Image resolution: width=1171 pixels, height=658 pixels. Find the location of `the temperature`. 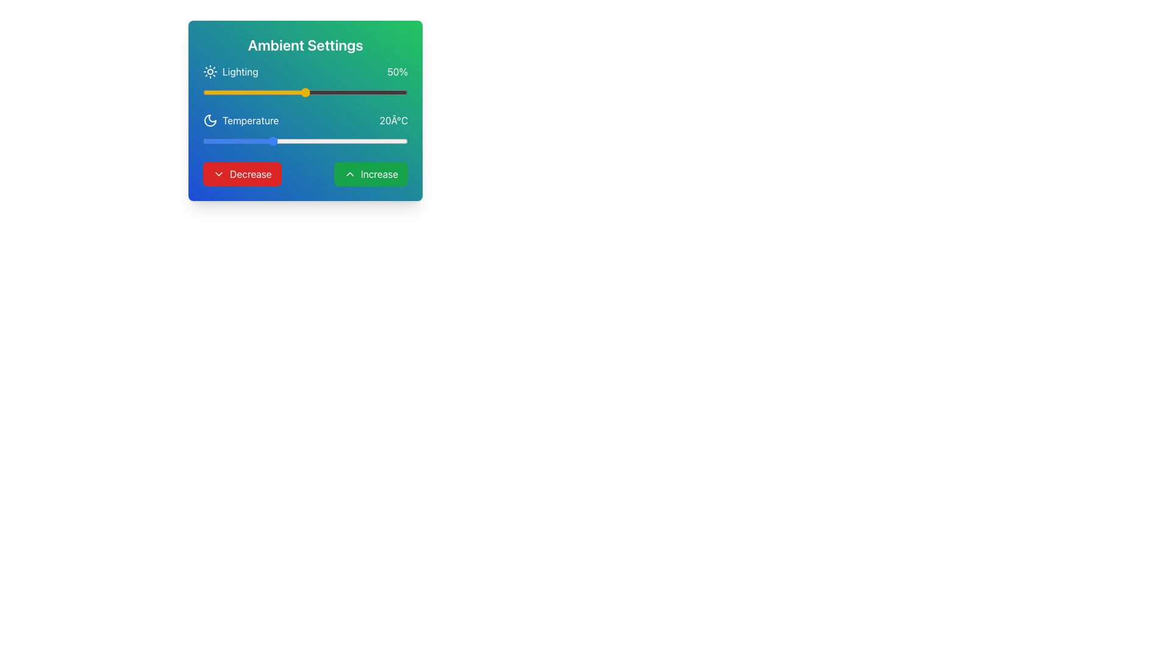

the temperature is located at coordinates (244, 140).